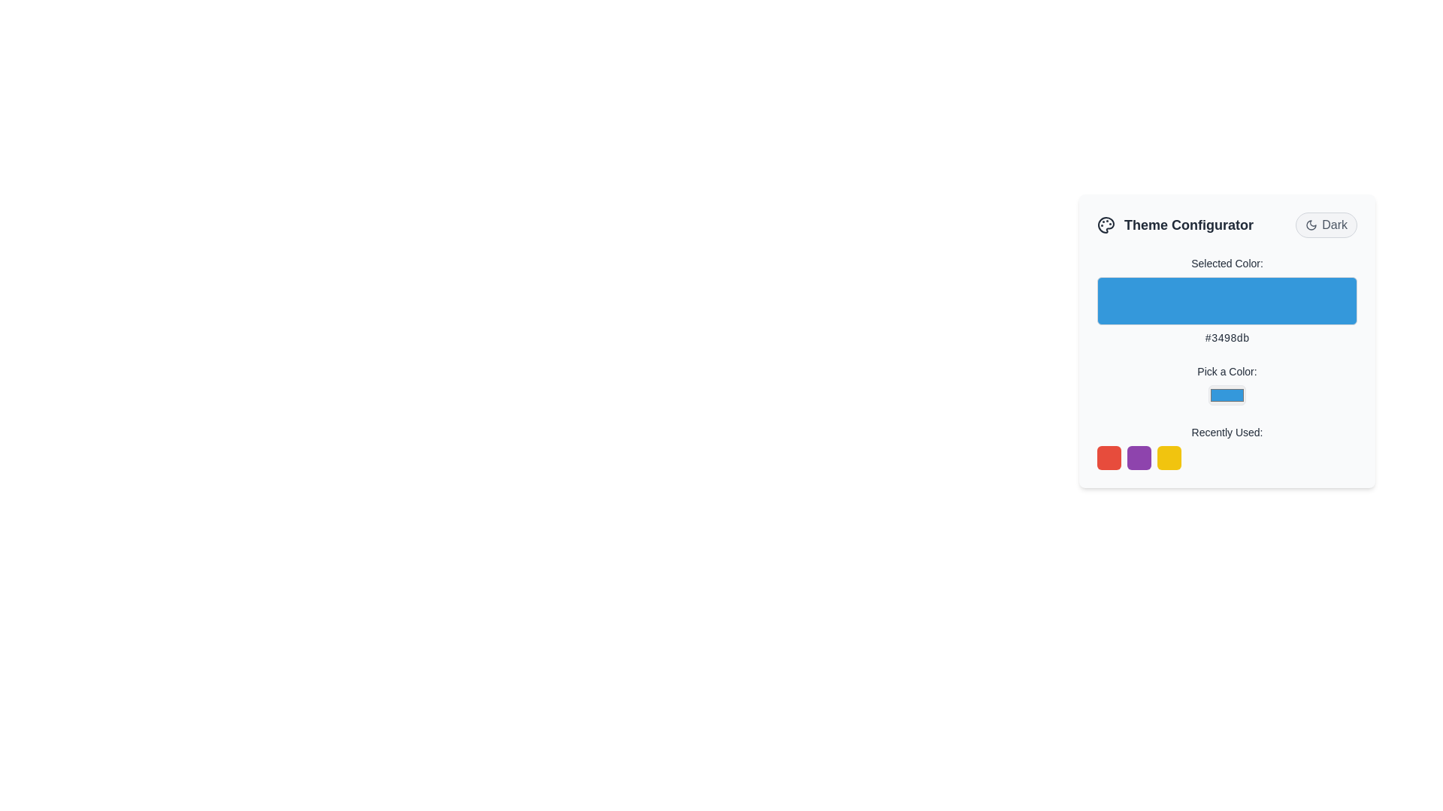 The width and height of the screenshot is (1443, 811). What do you see at coordinates (1227, 339) in the screenshot?
I see `the static text displaying the hexadecimal color code, which is located below the 'Selected Color:' label and the color preview rectangle` at bounding box center [1227, 339].